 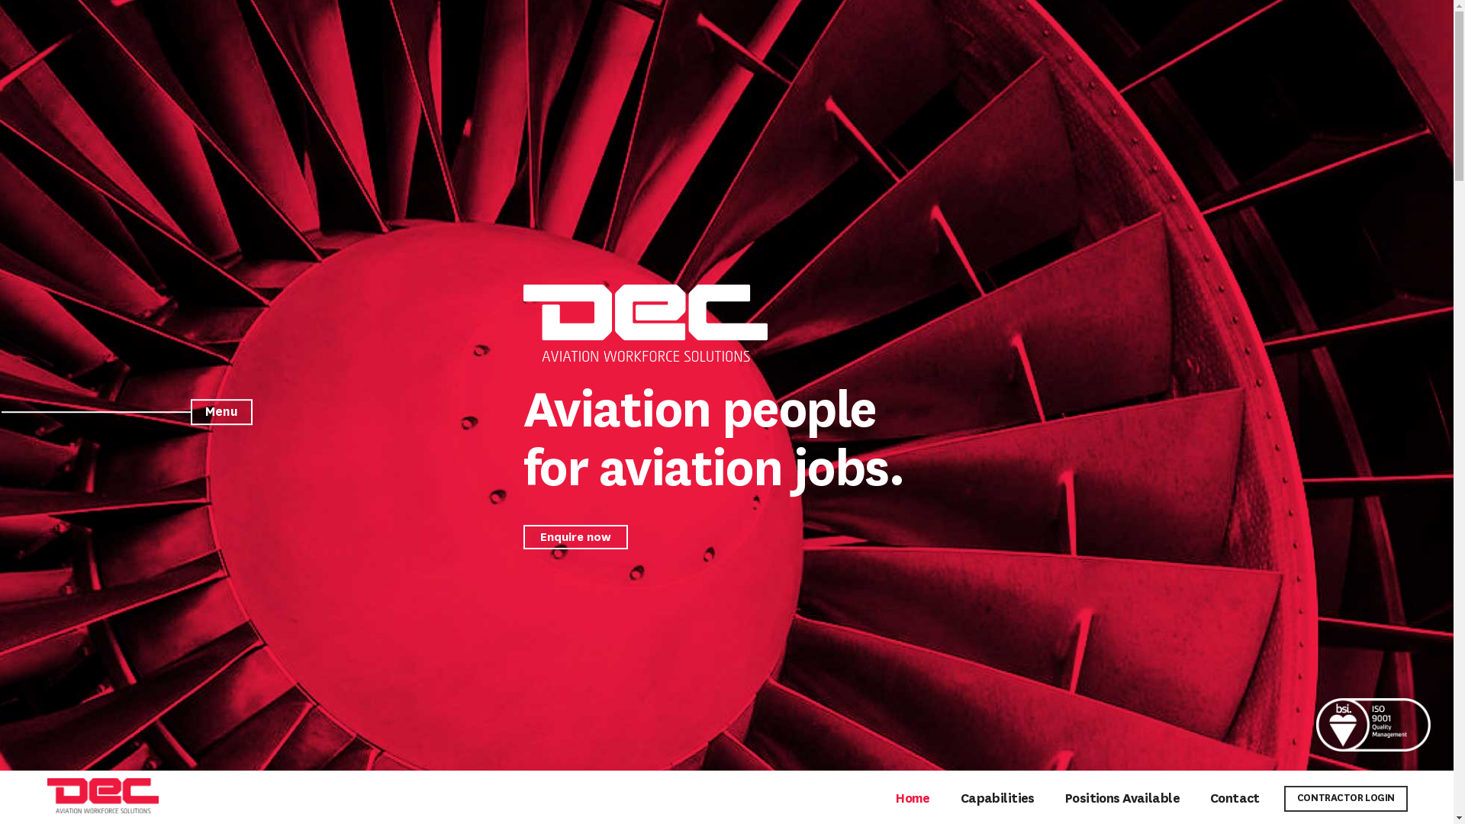 What do you see at coordinates (1345, 797) in the screenshot?
I see `'CONTRACTOR LOGIN'` at bounding box center [1345, 797].